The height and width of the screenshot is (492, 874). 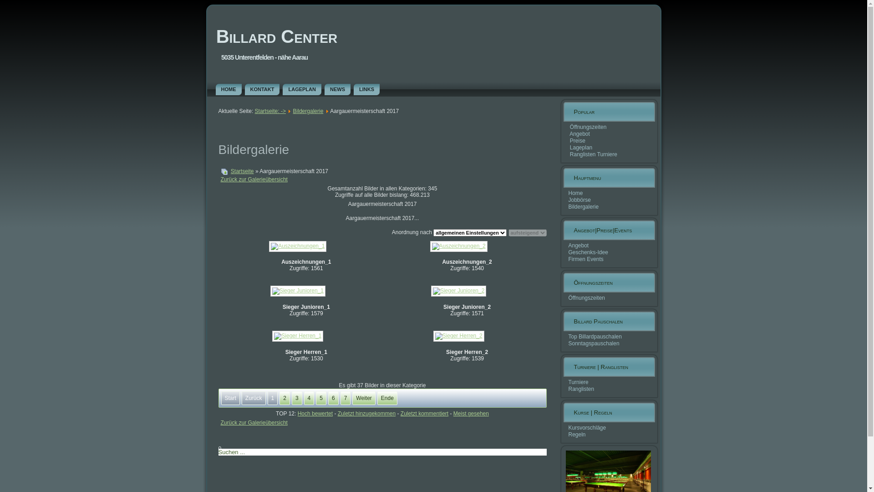 I want to click on '5', so click(x=321, y=398).